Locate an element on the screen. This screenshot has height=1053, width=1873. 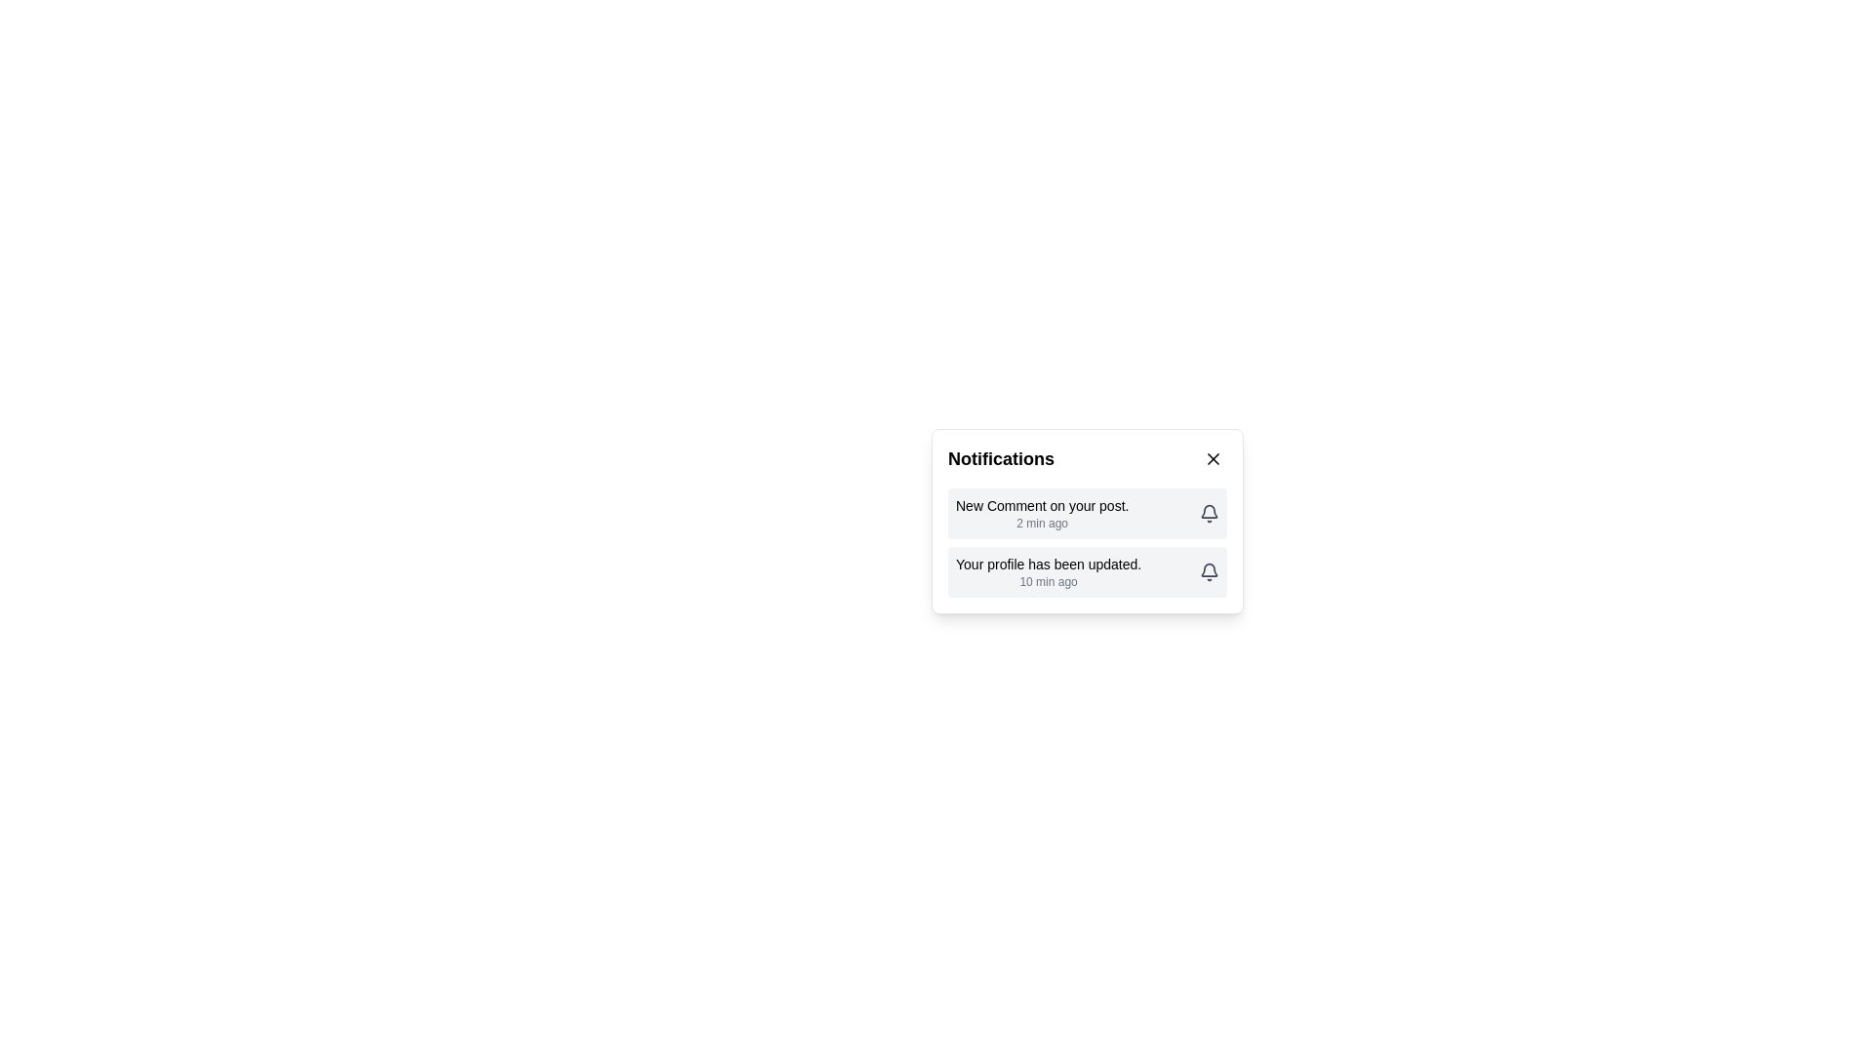
the static text element that serves as the main title of a notification about new comment activity, located in the notifications panel is located at coordinates (1041, 505).